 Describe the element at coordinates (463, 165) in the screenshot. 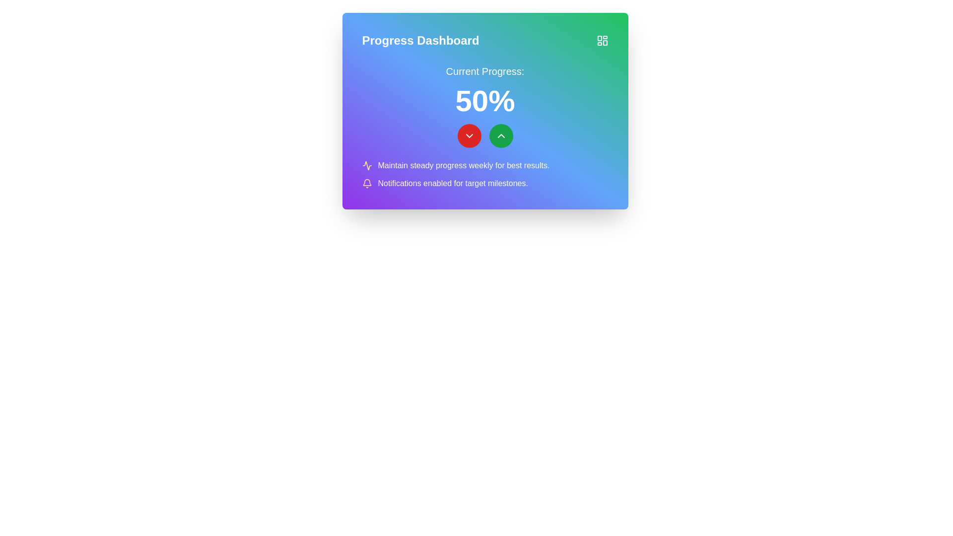

I see `the instructional text label located below the '50%' progress indicator and above the notification-related text, positioned to the right of an activity signal icon` at that location.